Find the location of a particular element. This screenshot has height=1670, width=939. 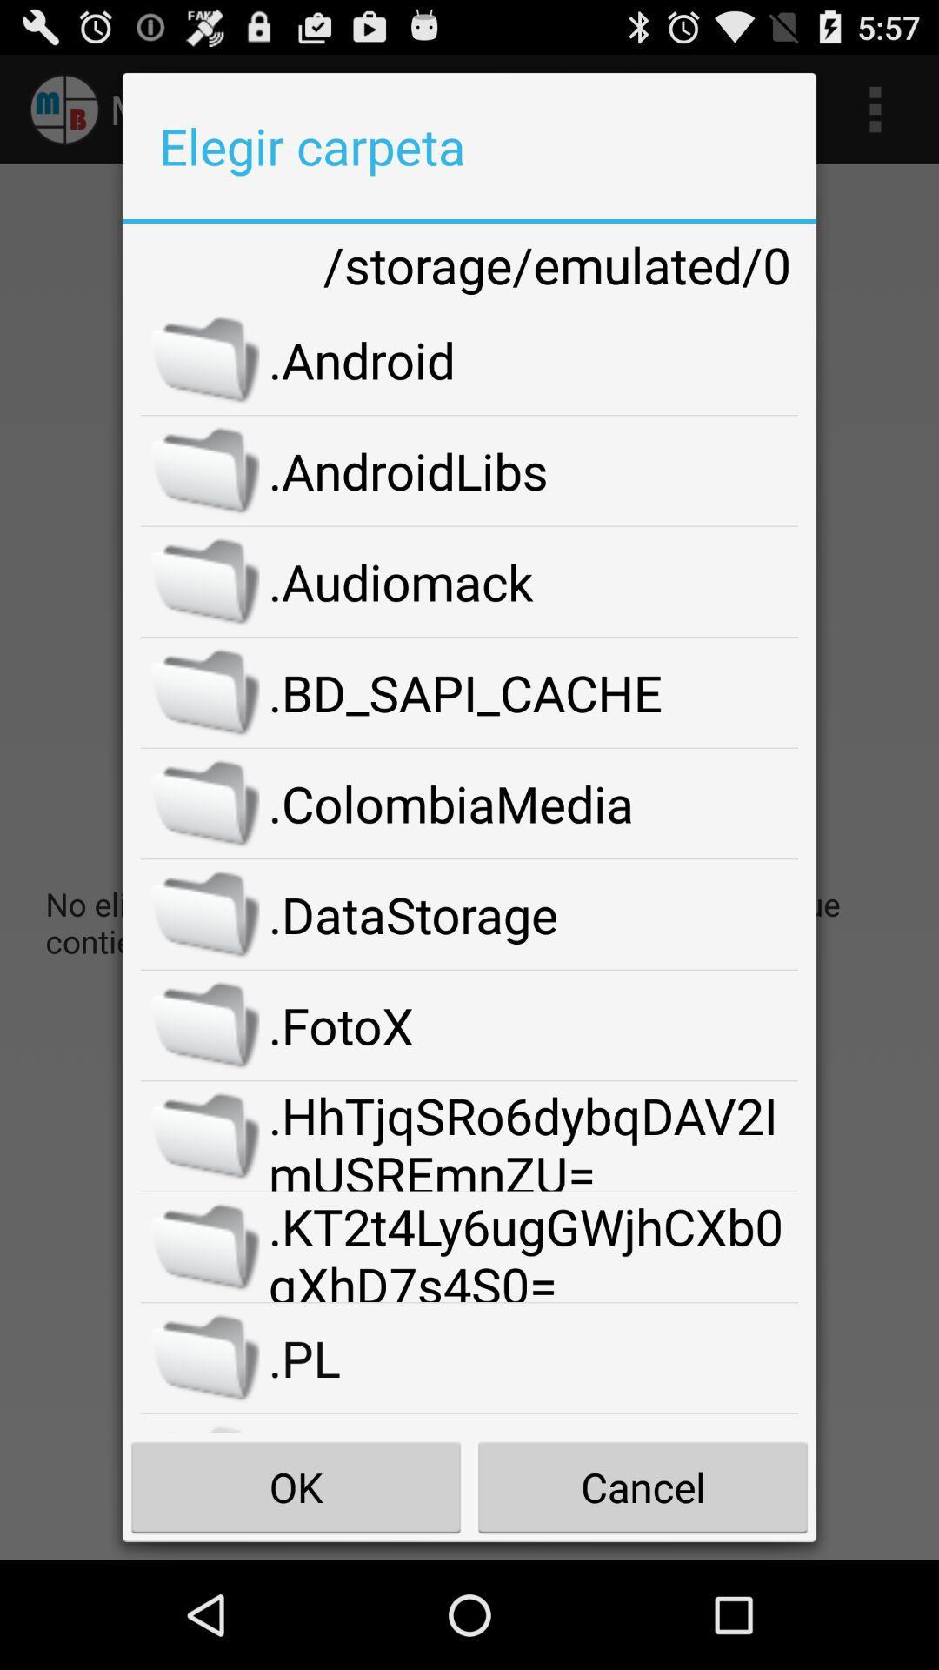

.androidlibs is located at coordinates (532, 471).